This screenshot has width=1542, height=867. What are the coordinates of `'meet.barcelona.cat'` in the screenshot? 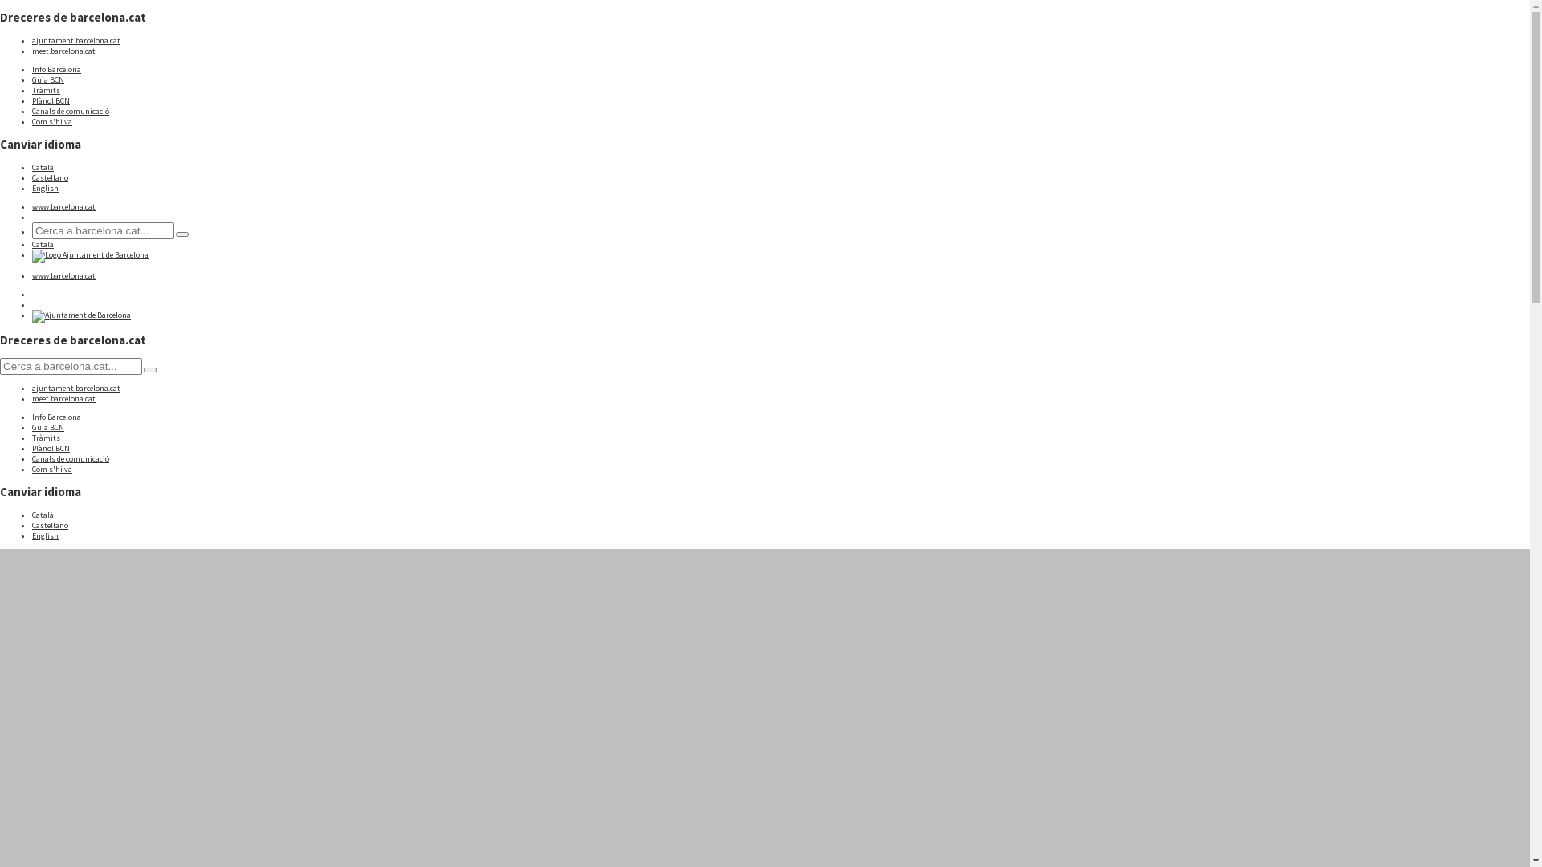 It's located at (63, 397).